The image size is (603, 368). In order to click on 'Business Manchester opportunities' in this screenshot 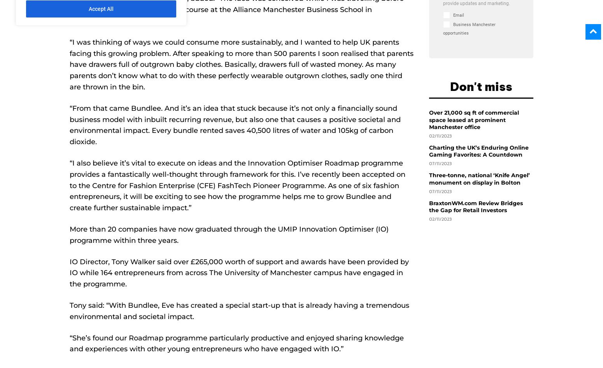, I will do `click(442, 29)`.